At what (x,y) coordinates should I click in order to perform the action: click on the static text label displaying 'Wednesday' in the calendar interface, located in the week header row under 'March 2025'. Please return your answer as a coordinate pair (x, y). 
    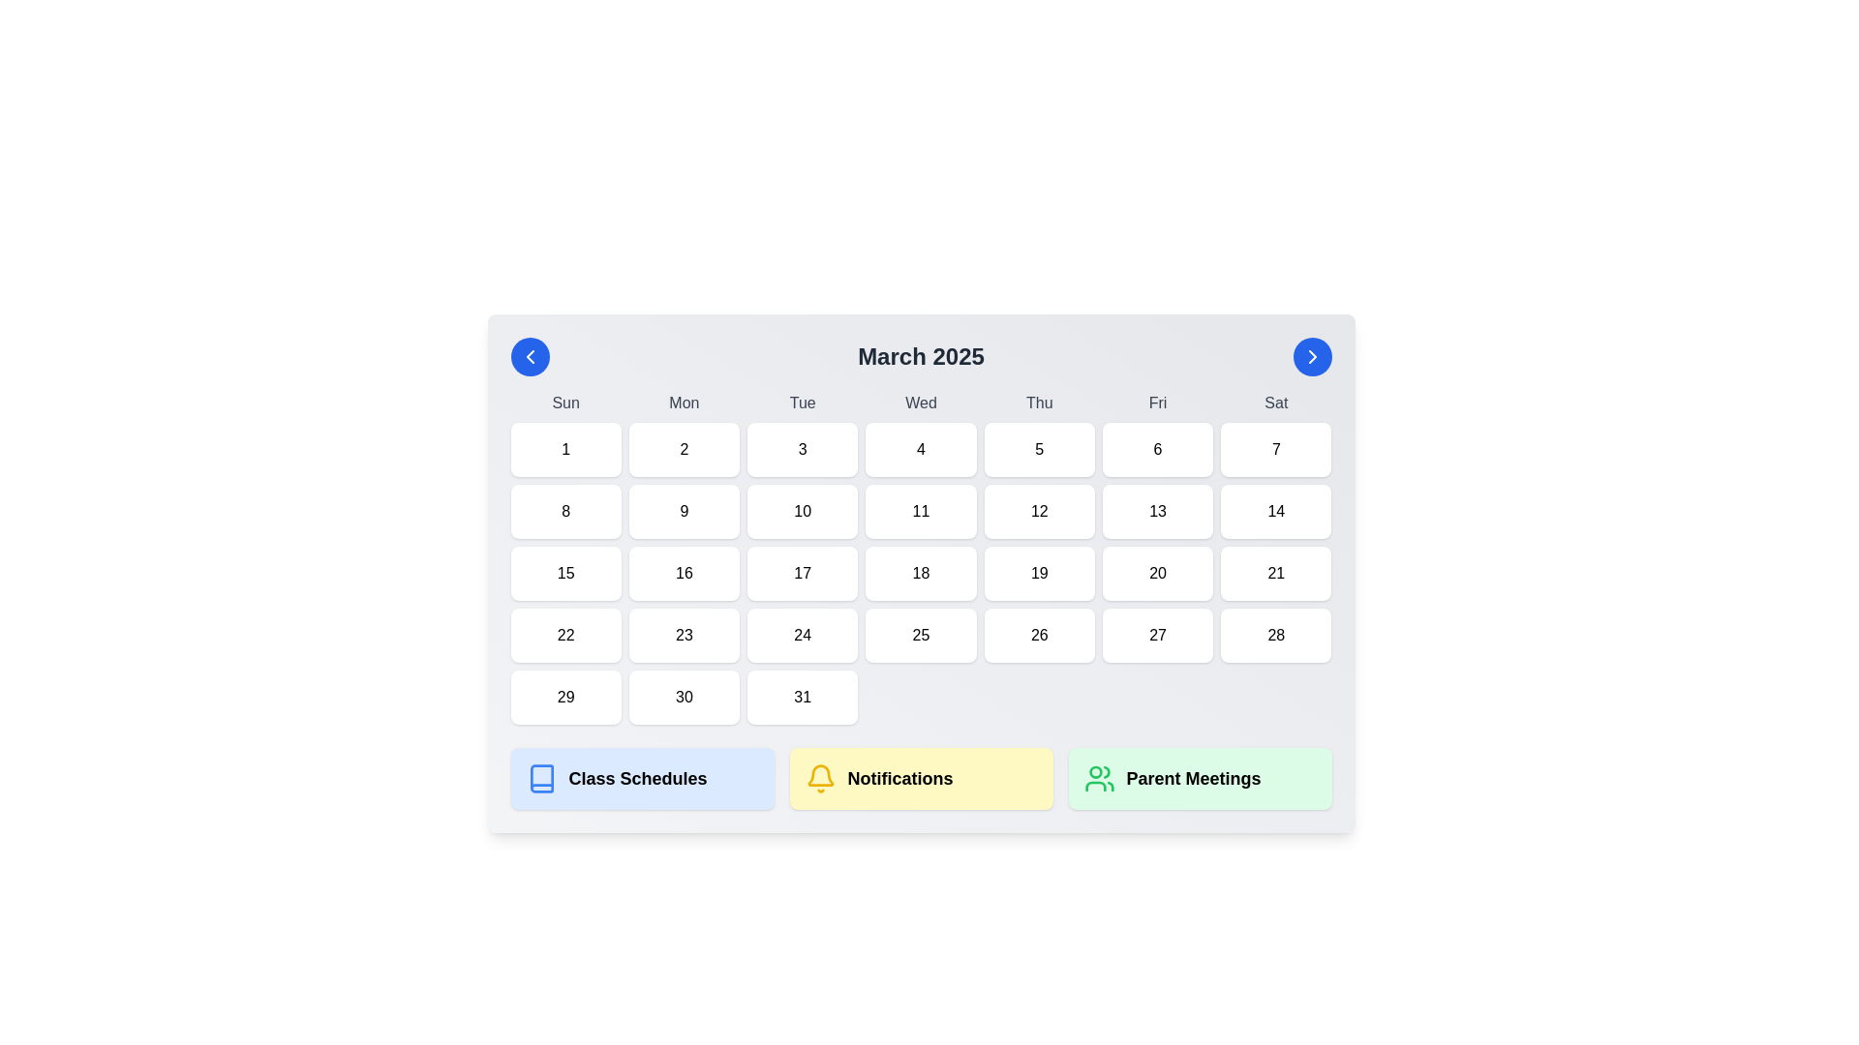
    Looking at the image, I should click on (920, 402).